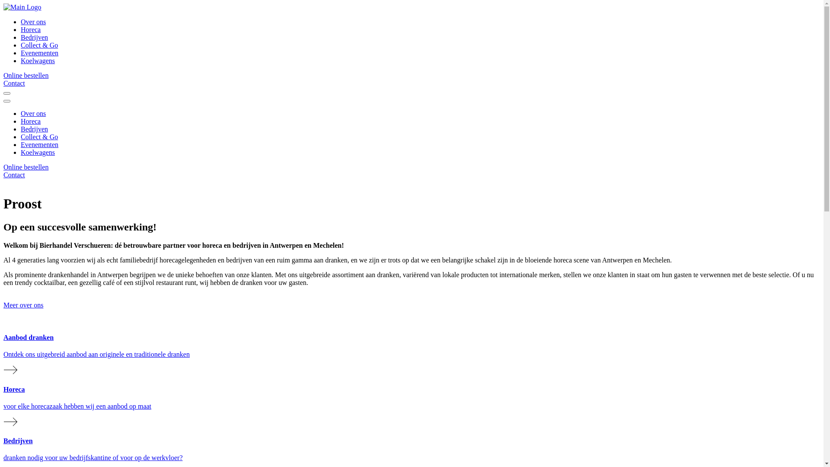 This screenshot has width=830, height=467. I want to click on 'Online bestellen', so click(26, 167).